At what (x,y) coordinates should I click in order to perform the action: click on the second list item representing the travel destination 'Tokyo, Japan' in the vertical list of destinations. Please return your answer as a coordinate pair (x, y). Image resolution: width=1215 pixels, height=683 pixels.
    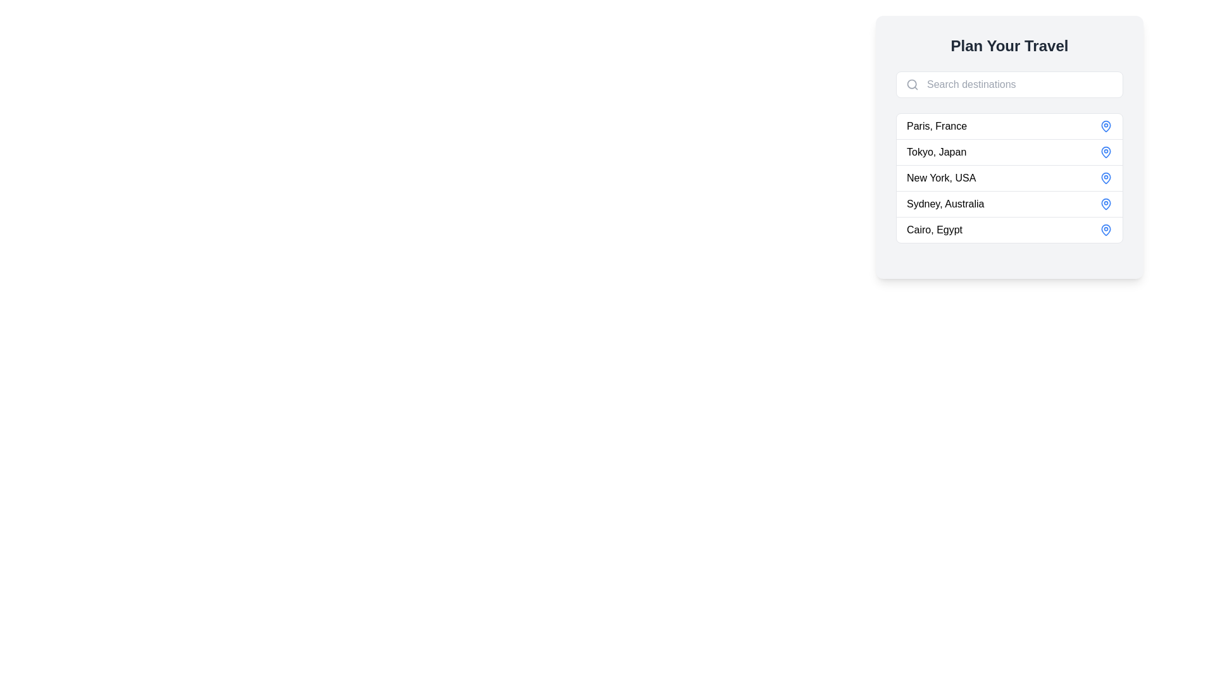
    Looking at the image, I should click on (1009, 151).